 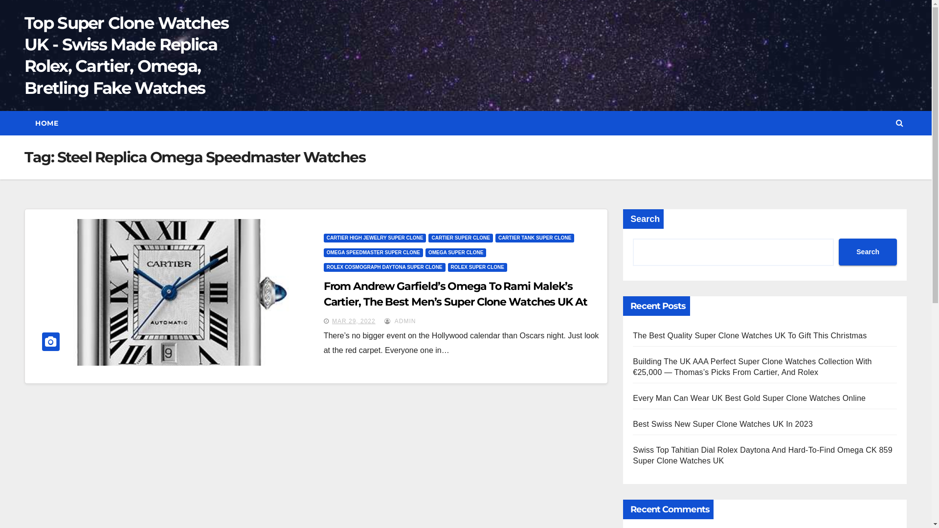 I want to click on 'ADMIN', so click(x=400, y=321).